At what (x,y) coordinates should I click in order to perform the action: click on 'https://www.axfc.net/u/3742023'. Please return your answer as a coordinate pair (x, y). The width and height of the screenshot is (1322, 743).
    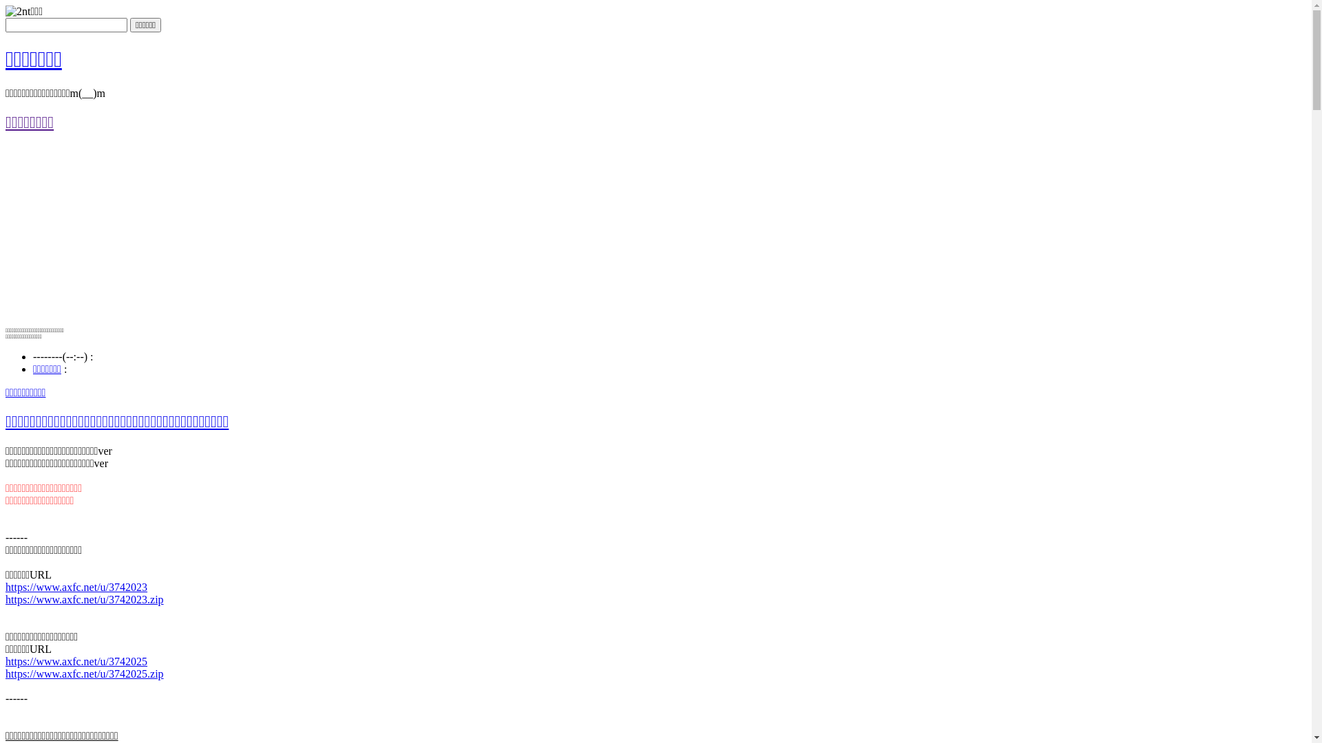
    Looking at the image, I should click on (75, 586).